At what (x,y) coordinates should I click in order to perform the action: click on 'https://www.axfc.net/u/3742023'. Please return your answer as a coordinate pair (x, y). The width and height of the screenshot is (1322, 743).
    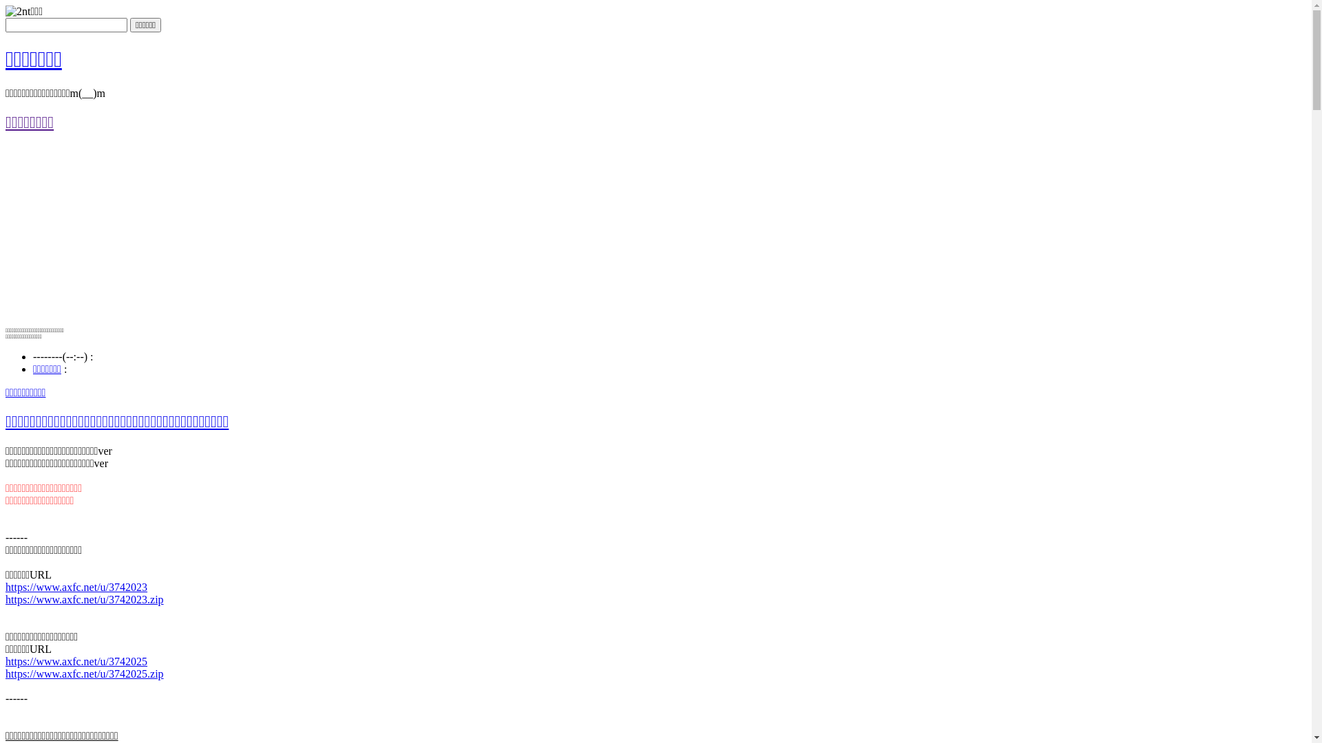
    Looking at the image, I should click on (75, 586).